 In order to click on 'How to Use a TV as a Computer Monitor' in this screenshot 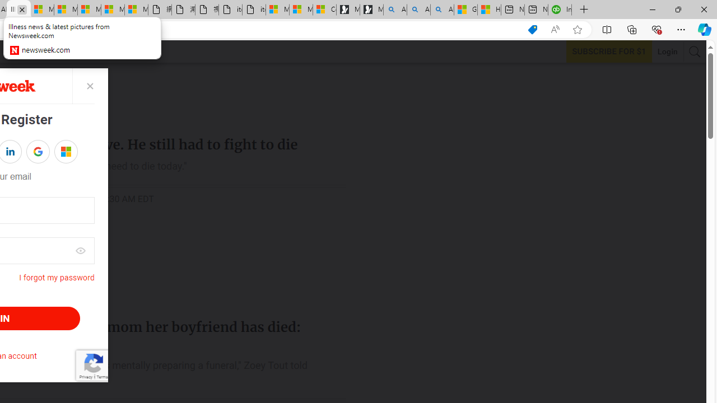, I will do `click(488, 10)`.